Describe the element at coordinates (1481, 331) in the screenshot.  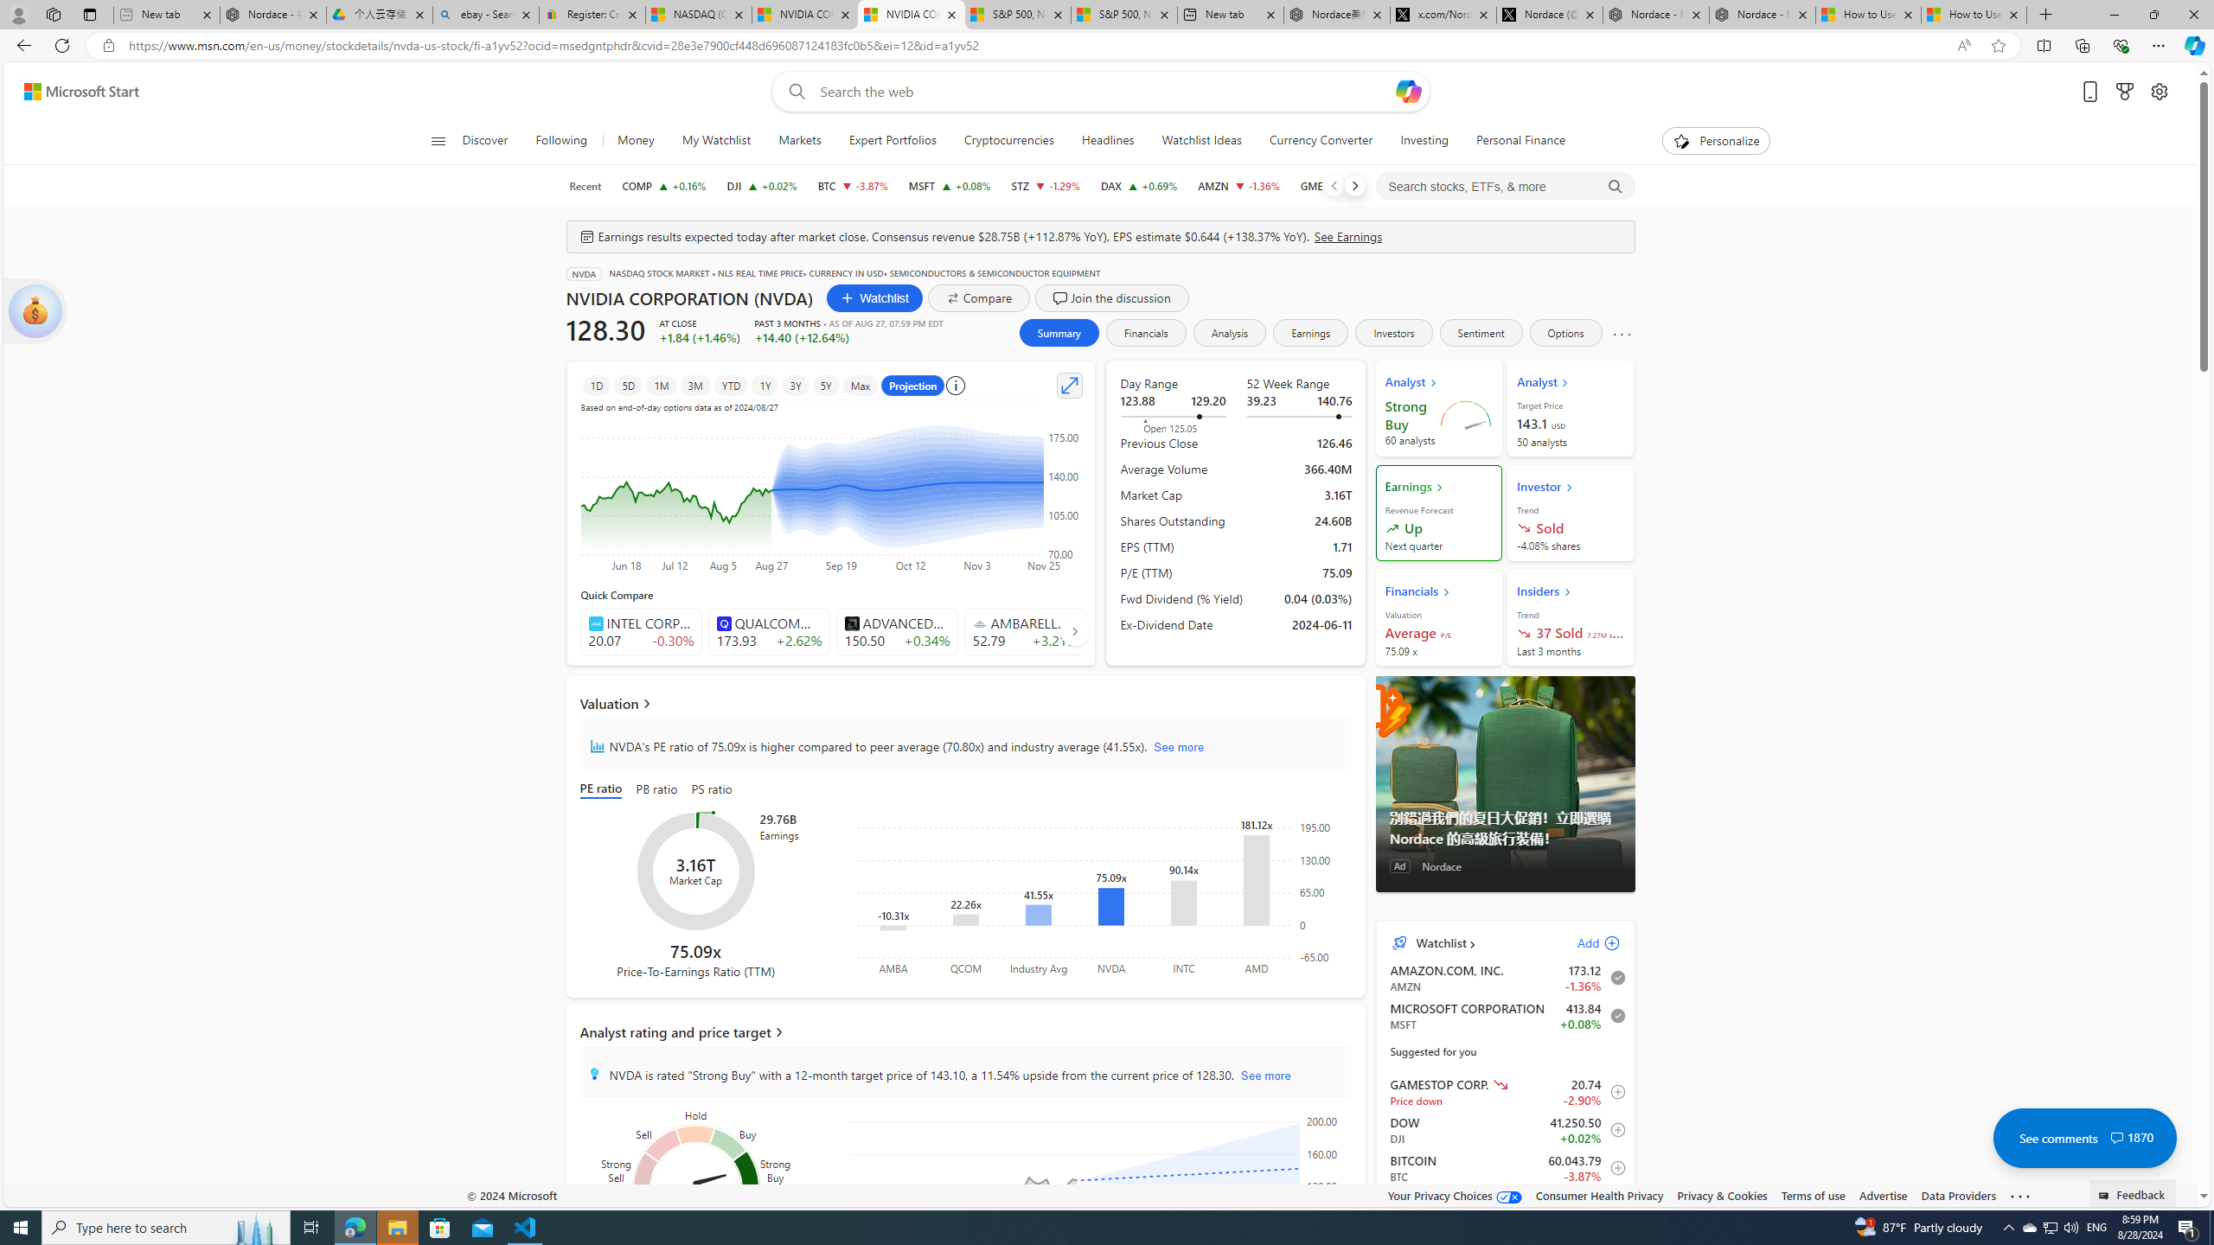
I see `'Sentiment'` at that location.